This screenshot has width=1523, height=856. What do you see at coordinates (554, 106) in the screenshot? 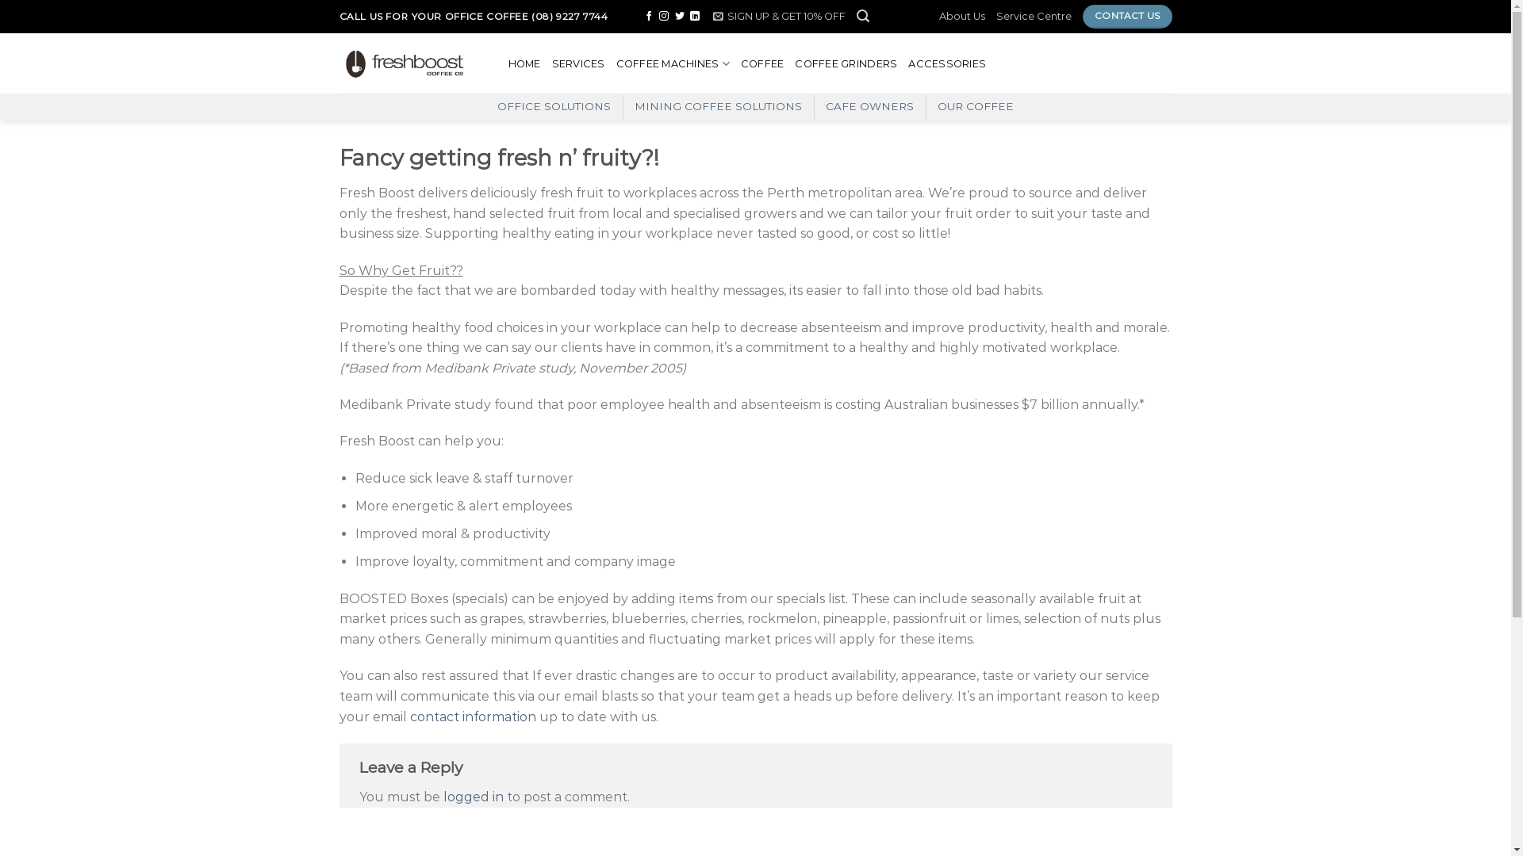
I see `'OFFICE SOLUTIONS'` at bounding box center [554, 106].